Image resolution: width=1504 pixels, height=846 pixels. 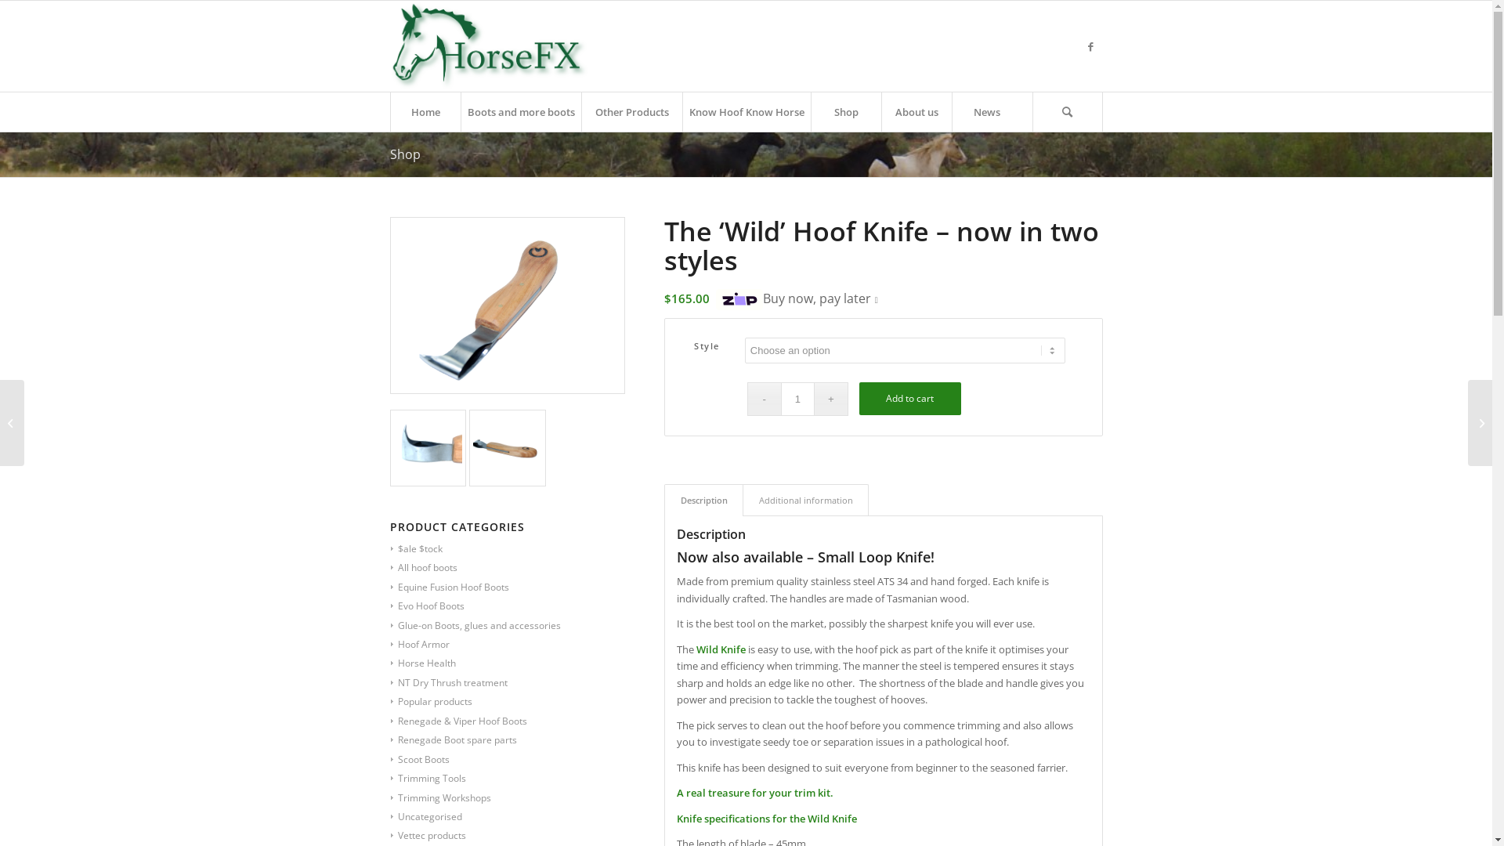 I want to click on 'NT Dry Thrush treatment', so click(x=447, y=681).